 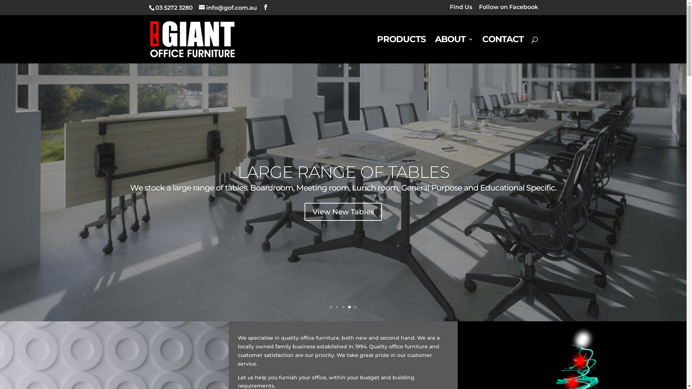 What do you see at coordinates (227, 8) in the screenshot?
I see `'info@gof.com.au'` at bounding box center [227, 8].